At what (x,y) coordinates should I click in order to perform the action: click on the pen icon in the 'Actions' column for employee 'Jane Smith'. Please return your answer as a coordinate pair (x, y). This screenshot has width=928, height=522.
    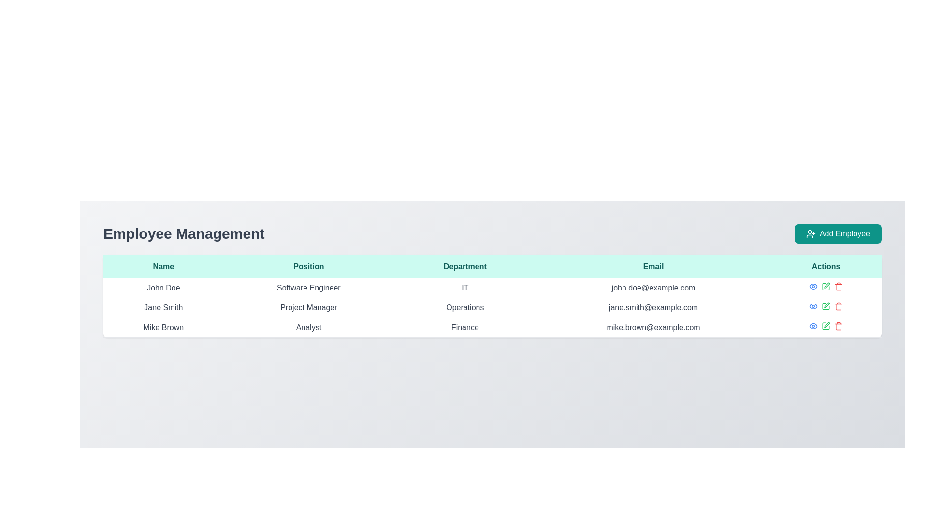
    Looking at the image, I should click on (826, 285).